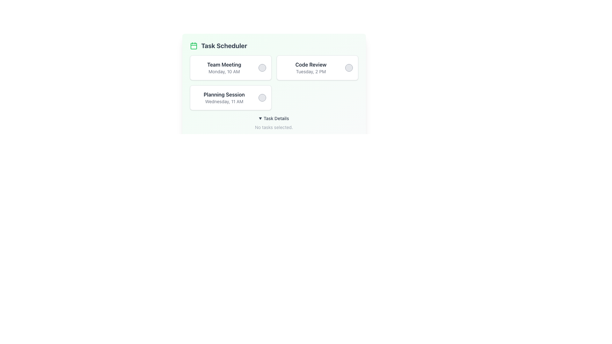  What do you see at coordinates (317, 68) in the screenshot?
I see `the selectable list item titled 'Code Review' scheduled for 'Tuesday, 2 PM'` at bounding box center [317, 68].